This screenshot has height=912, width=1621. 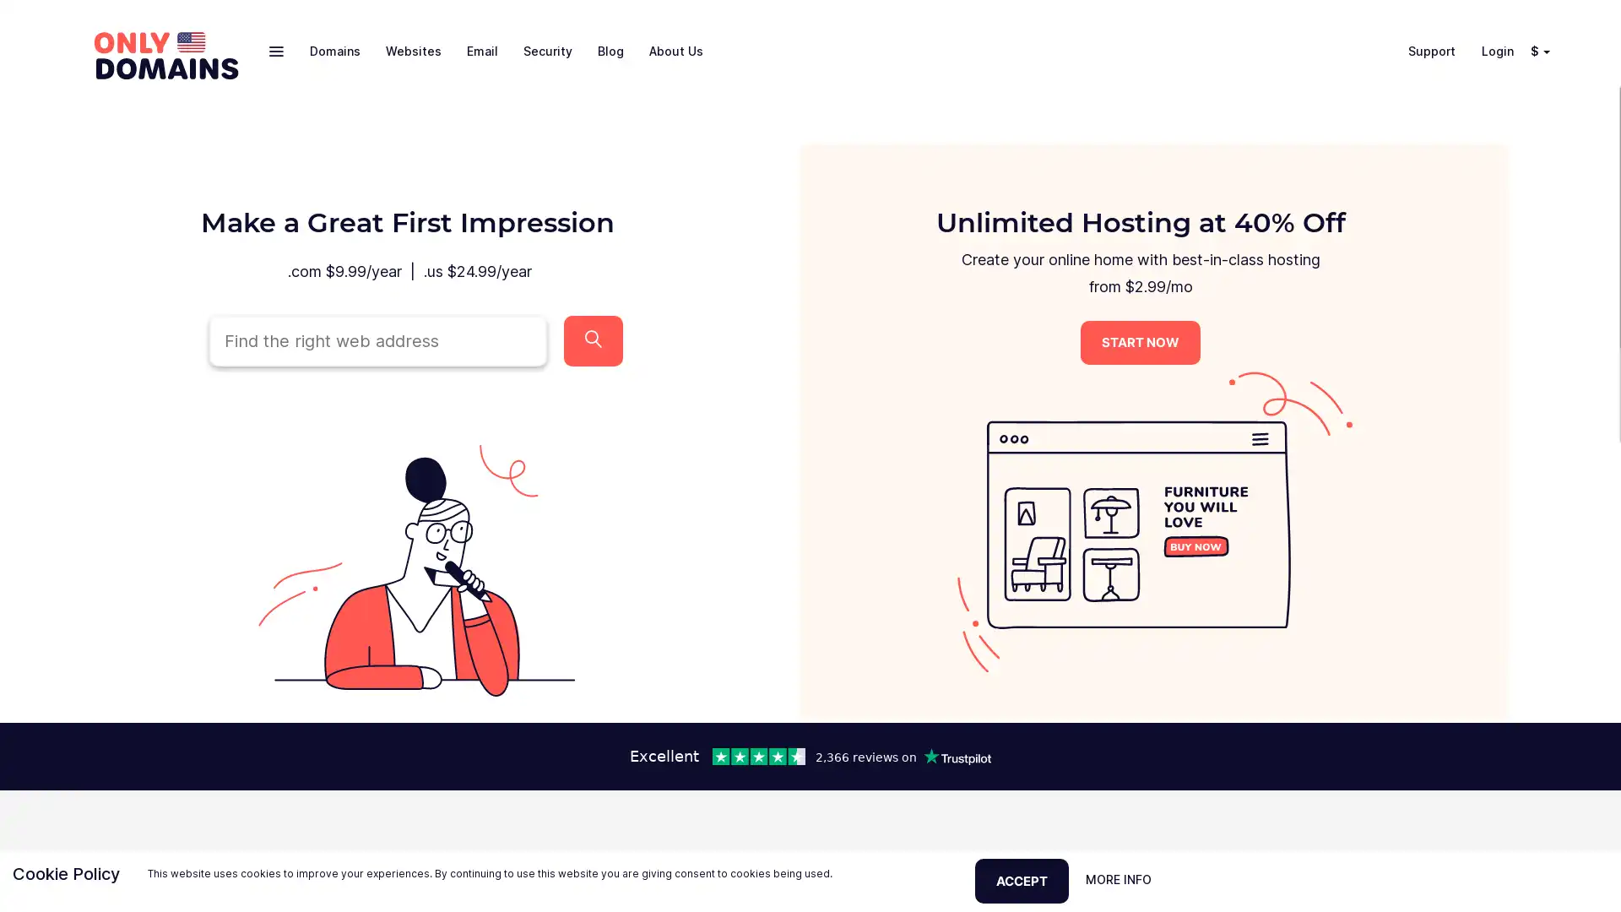 I want to click on ACCEPT, so click(x=1021, y=879).